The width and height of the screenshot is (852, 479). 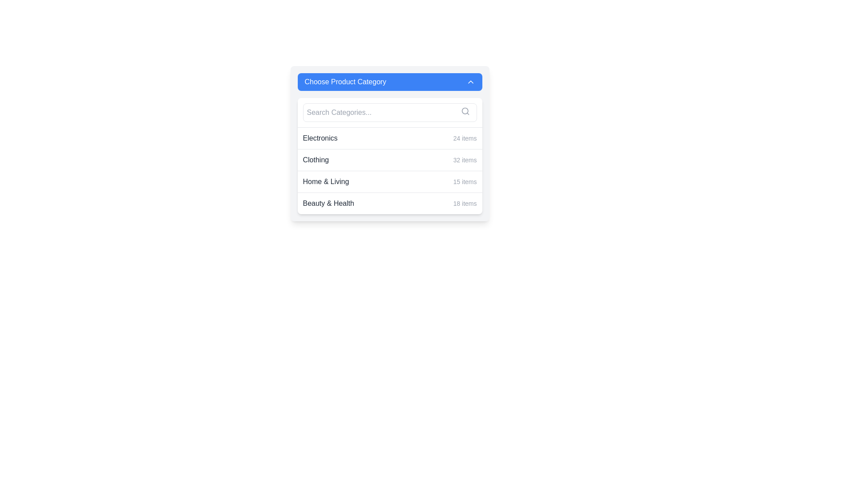 What do you see at coordinates (465, 138) in the screenshot?
I see `the label displaying '24 items' which is located next to the 'Electronics' label, situated within the Electronics list item` at bounding box center [465, 138].